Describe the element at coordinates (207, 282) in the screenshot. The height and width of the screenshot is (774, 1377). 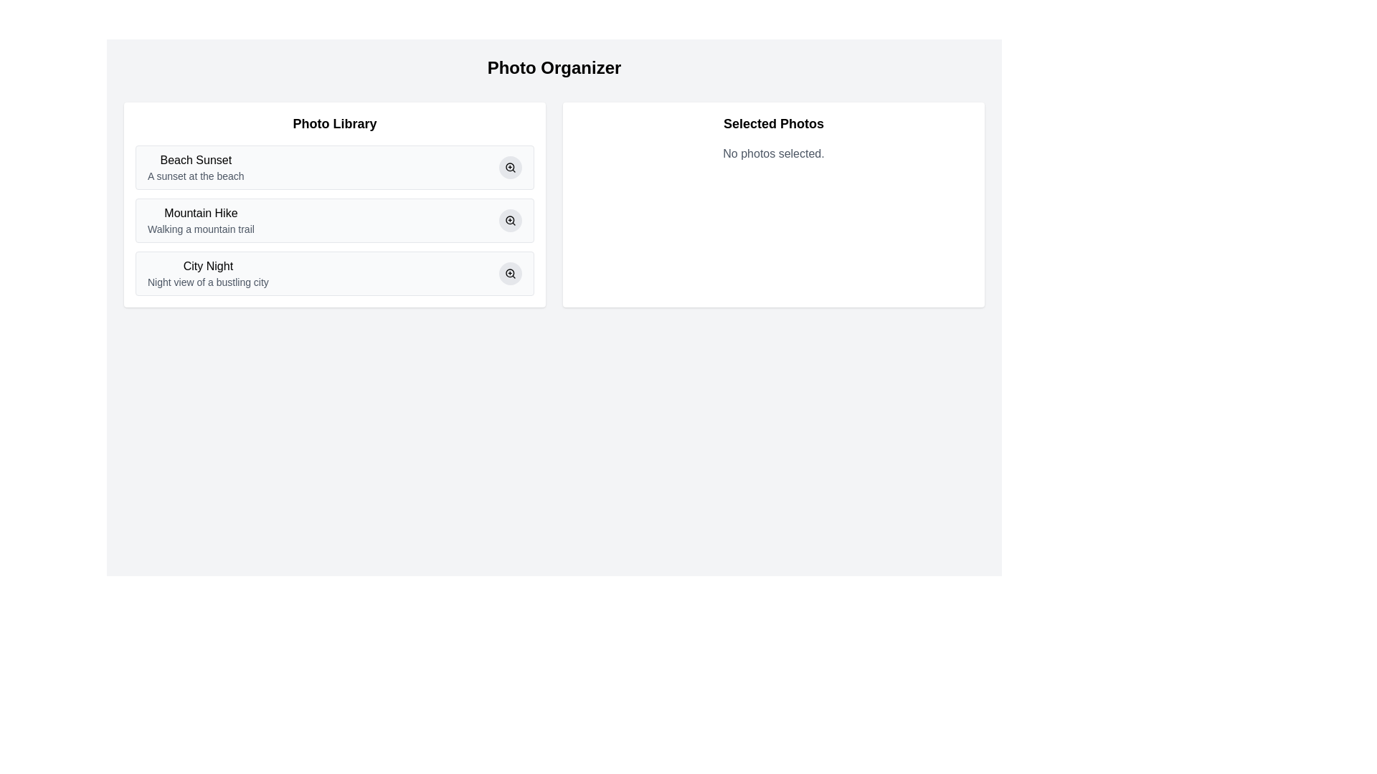
I see `the descriptive subtitle element below the title 'City Night' in the 'Photo Library' section` at that location.